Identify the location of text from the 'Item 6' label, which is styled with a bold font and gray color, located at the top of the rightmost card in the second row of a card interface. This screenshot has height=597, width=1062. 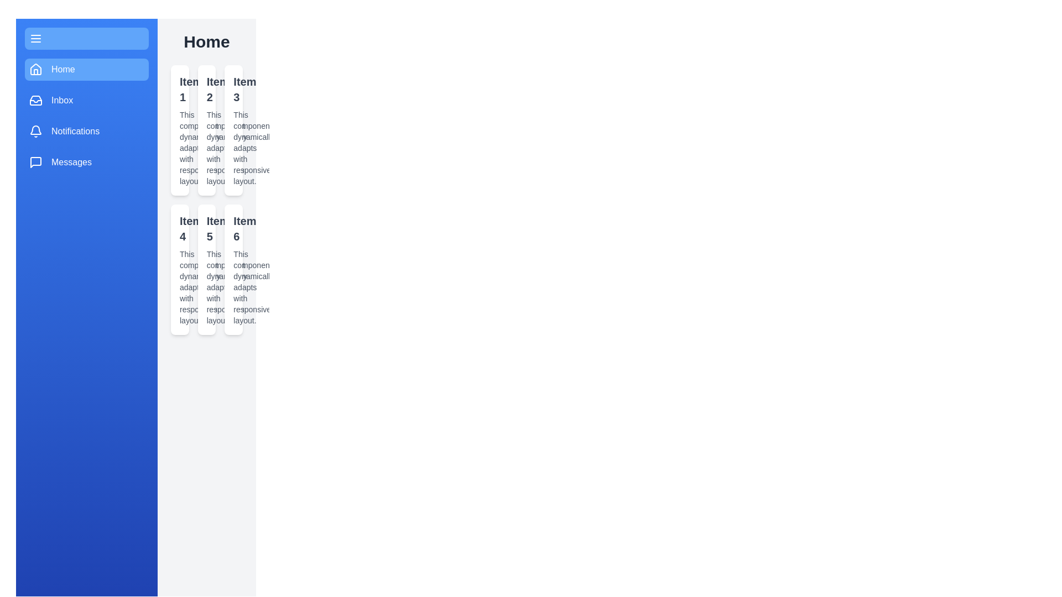
(233, 228).